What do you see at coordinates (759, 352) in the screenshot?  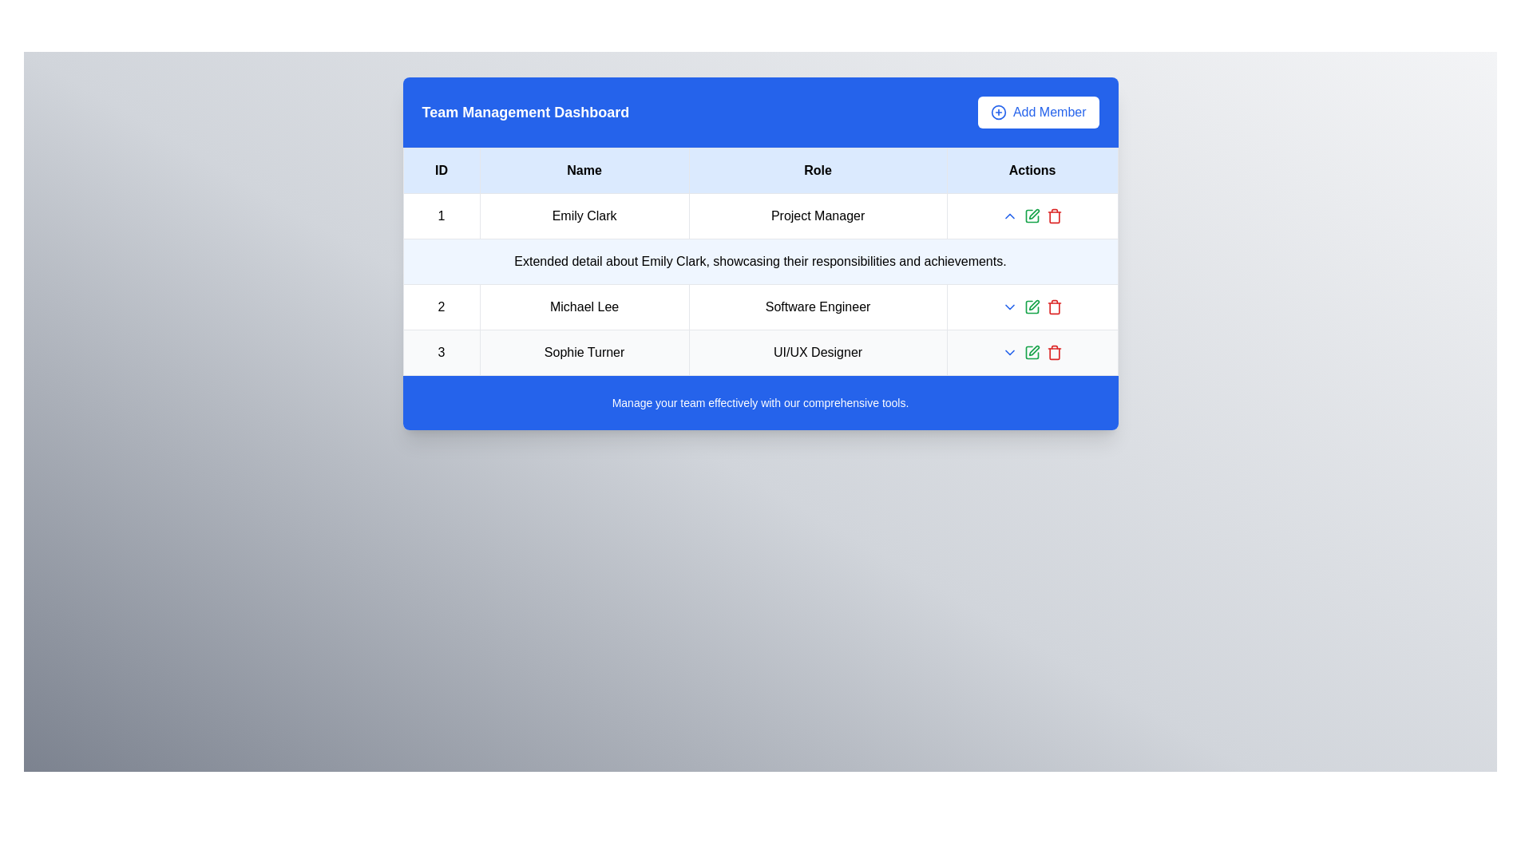 I see `information displayed in the table row for 'Sophie Turner', which includes the ID '3', the name 'Sophie Turner', and the role 'UI/UX Designer'` at bounding box center [759, 352].